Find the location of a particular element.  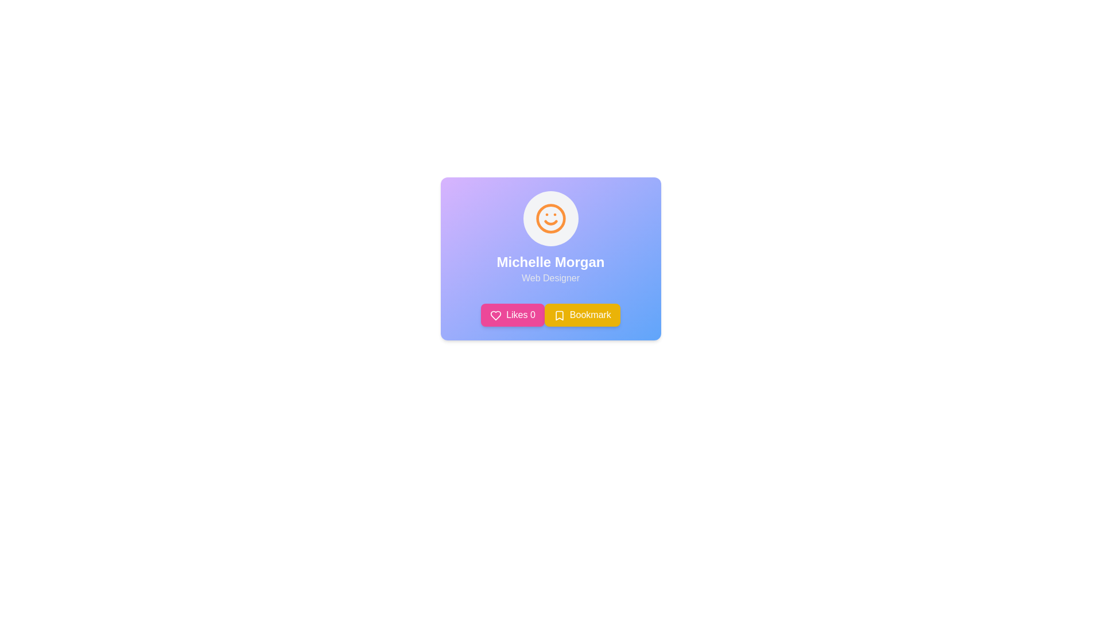

the outer circular boundary of the smiley face icon located at the top-center of the profile card is located at coordinates (550, 219).